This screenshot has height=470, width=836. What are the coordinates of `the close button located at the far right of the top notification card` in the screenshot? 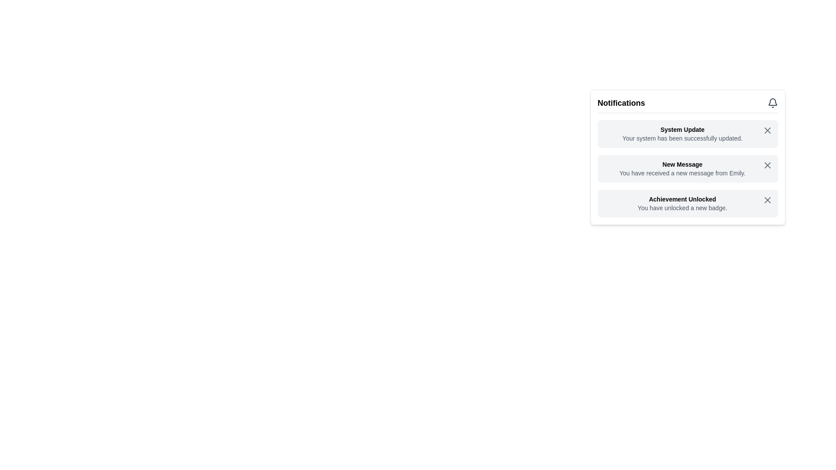 It's located at (767, 131).